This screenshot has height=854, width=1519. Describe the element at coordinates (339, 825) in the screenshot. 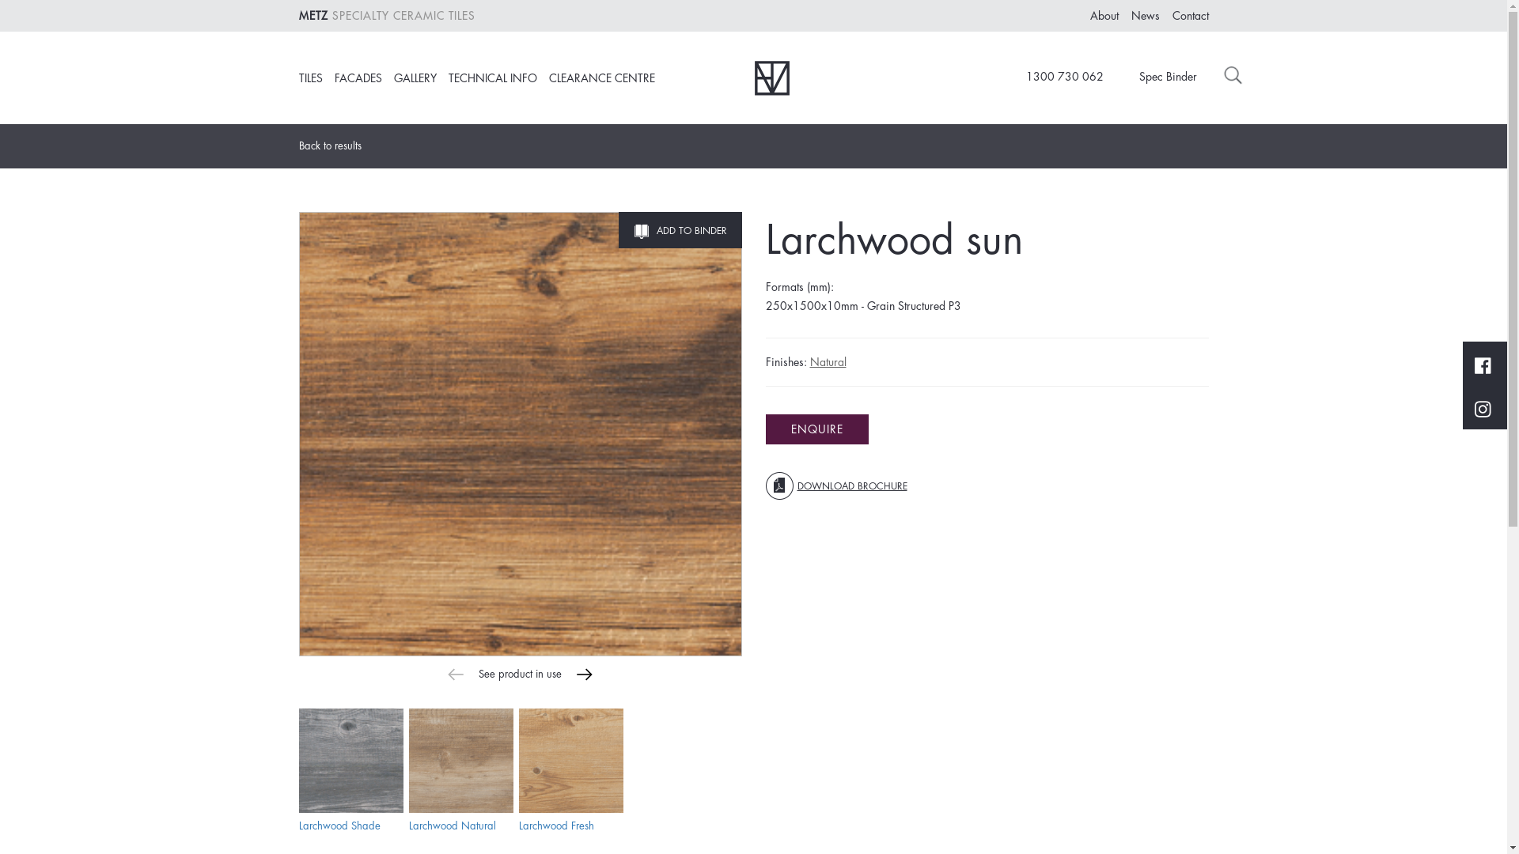

I see `'Larchwood Shade'` at that location.